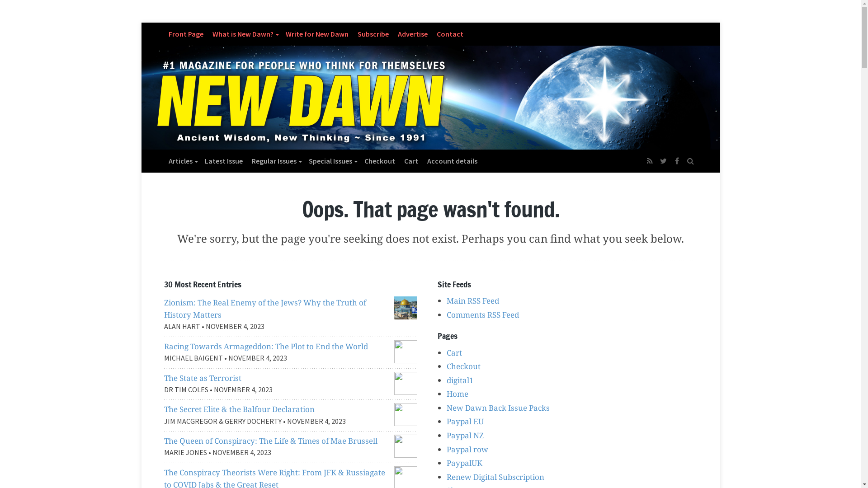  Describe the element at coordinates (458, 393) in the screenshot. I see `'Home'` at that location.